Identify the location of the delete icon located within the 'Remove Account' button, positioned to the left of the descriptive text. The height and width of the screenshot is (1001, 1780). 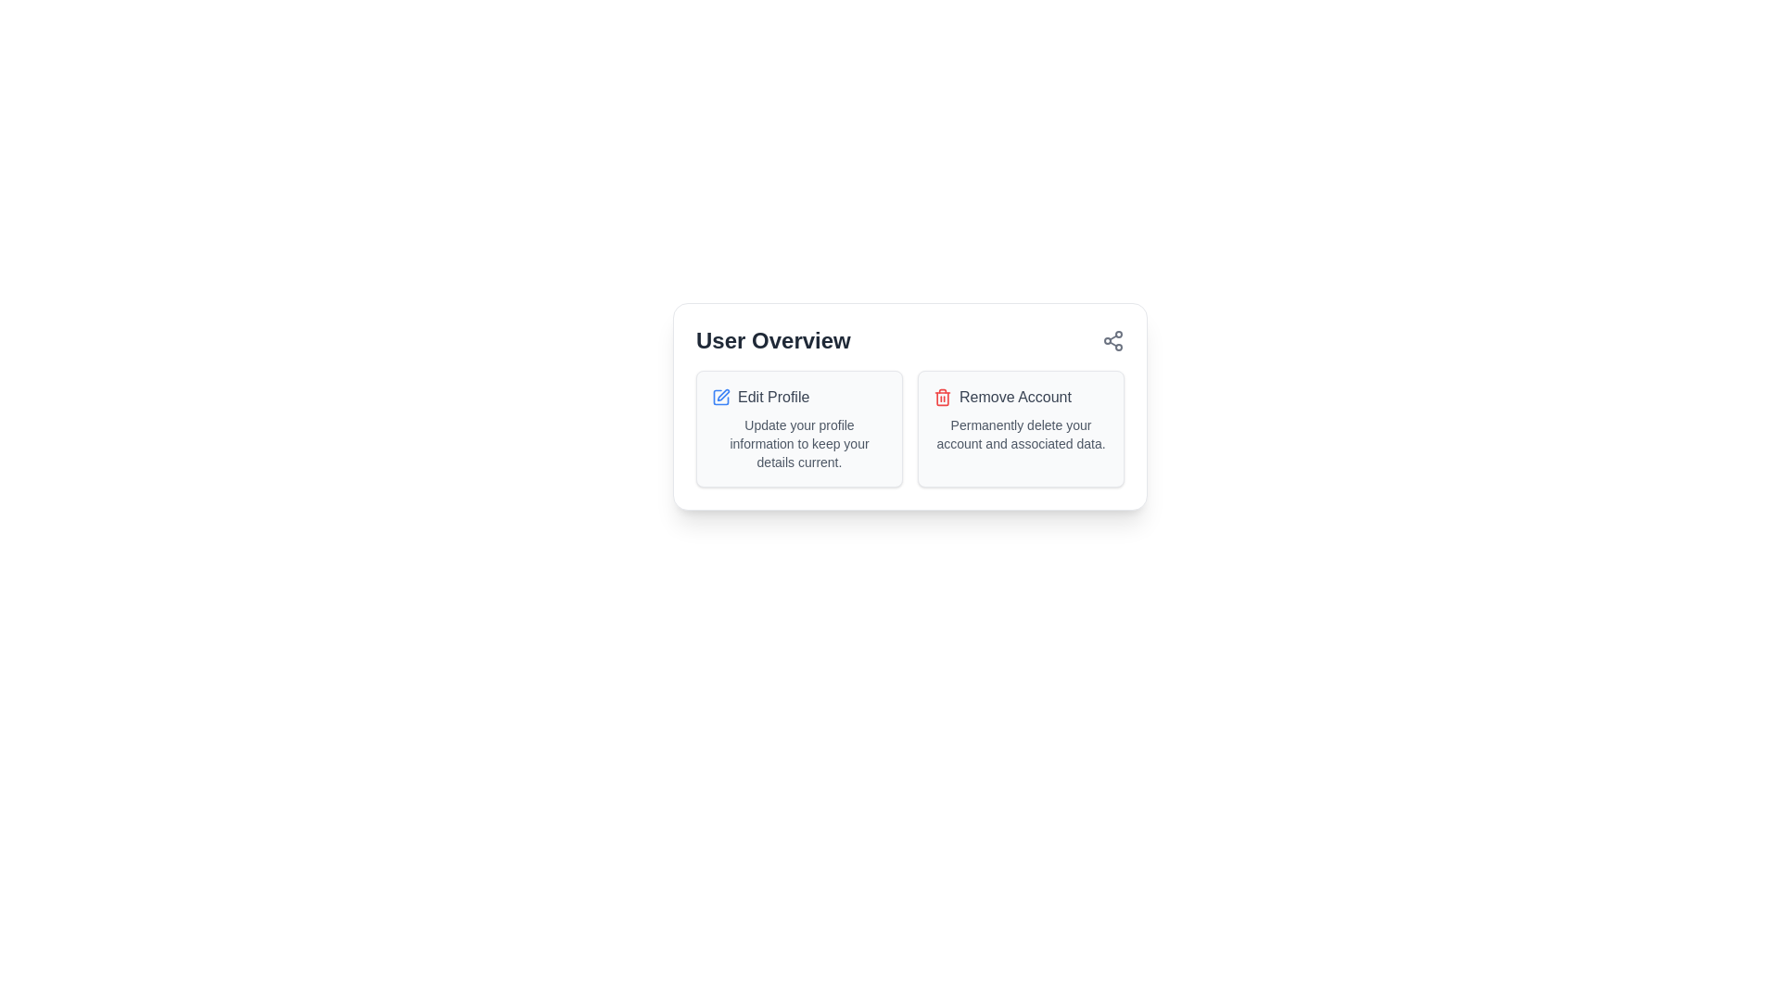
(943, 396).